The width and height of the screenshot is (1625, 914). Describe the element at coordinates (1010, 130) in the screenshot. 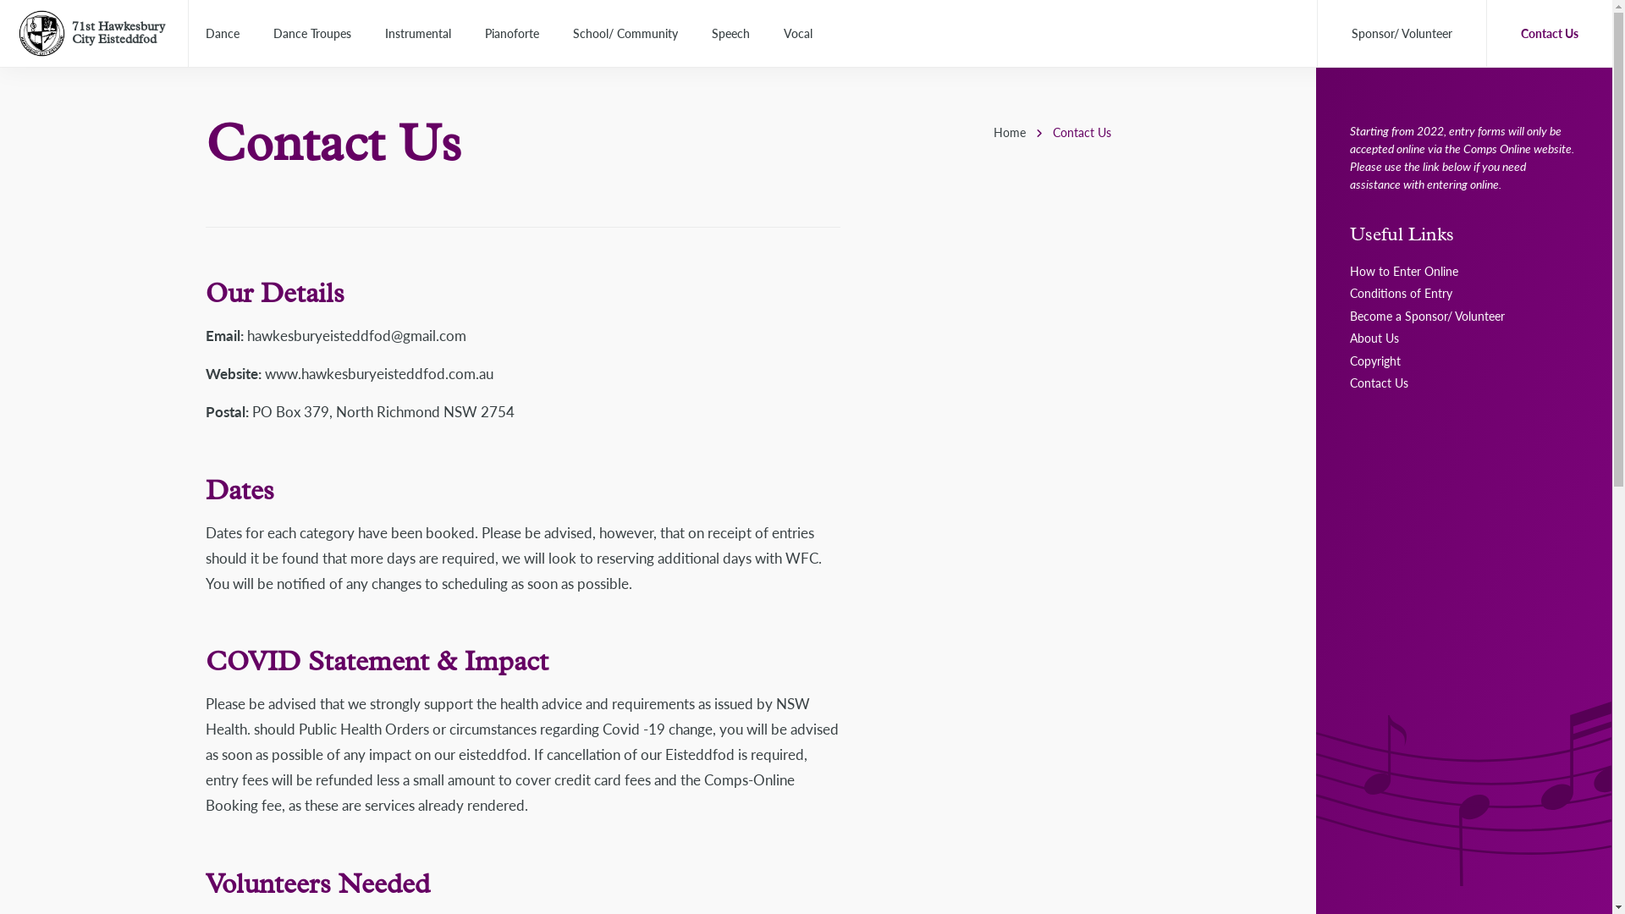

I see `'Home'` at that location.